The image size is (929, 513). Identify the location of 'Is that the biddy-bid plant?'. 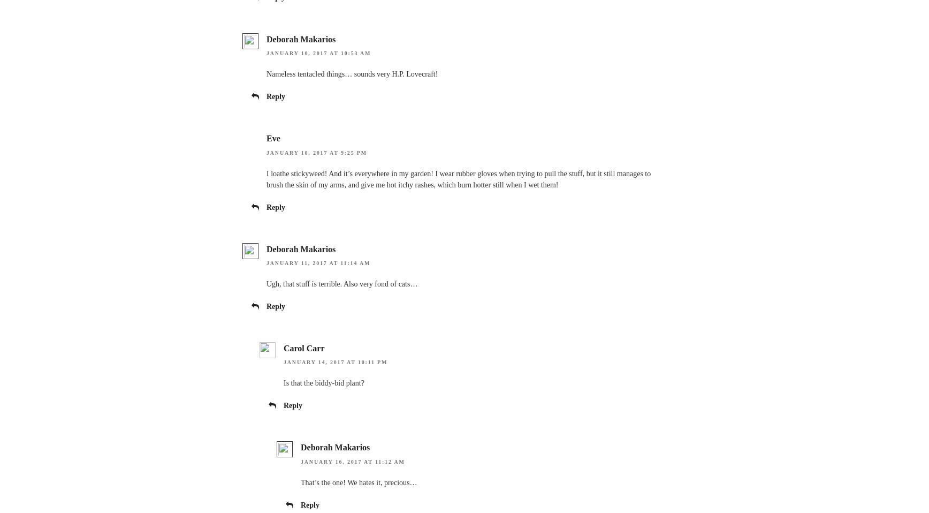
(323, 382).